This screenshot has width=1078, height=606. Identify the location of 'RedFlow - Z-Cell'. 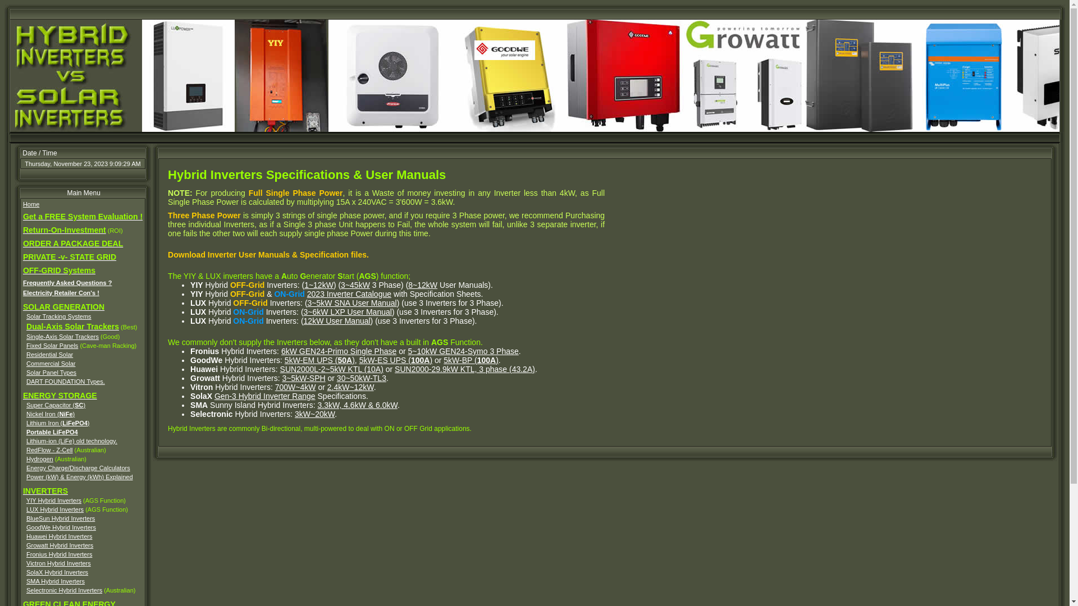
(49, 449).